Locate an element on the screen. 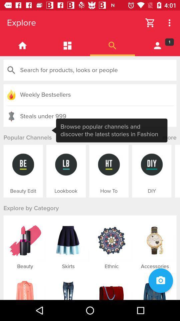  search for products is located at coordinates (90, 70).